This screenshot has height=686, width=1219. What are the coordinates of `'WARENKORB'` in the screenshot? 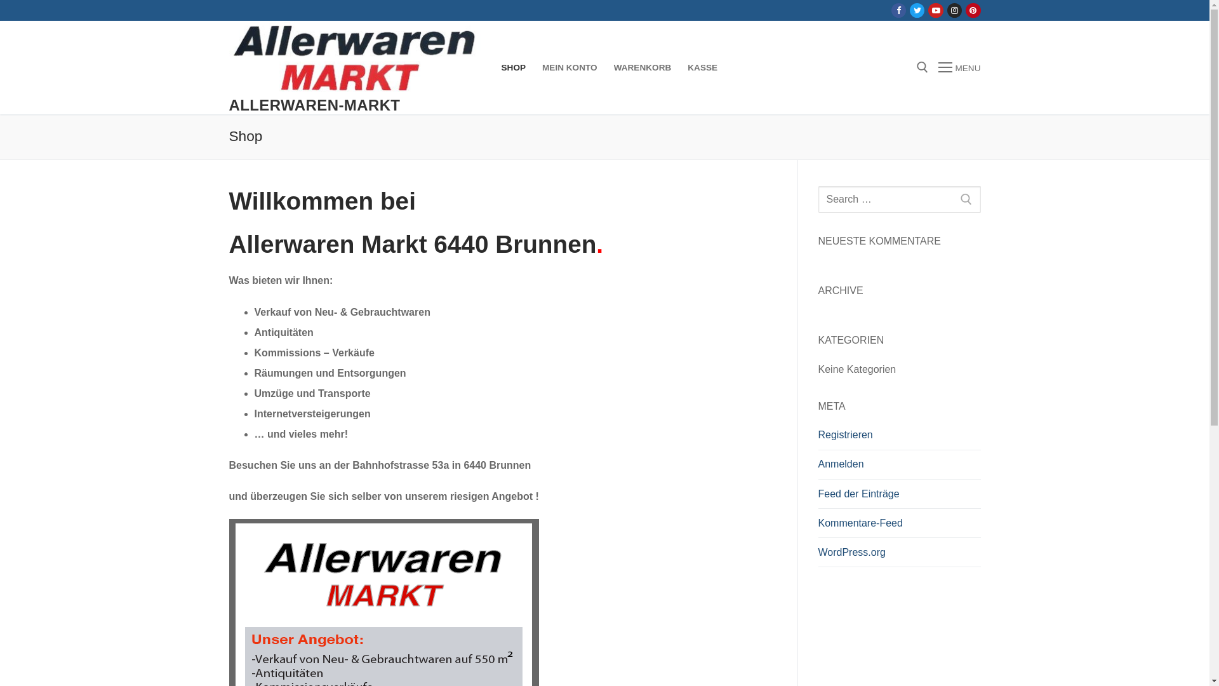 It's located at (643, 68).